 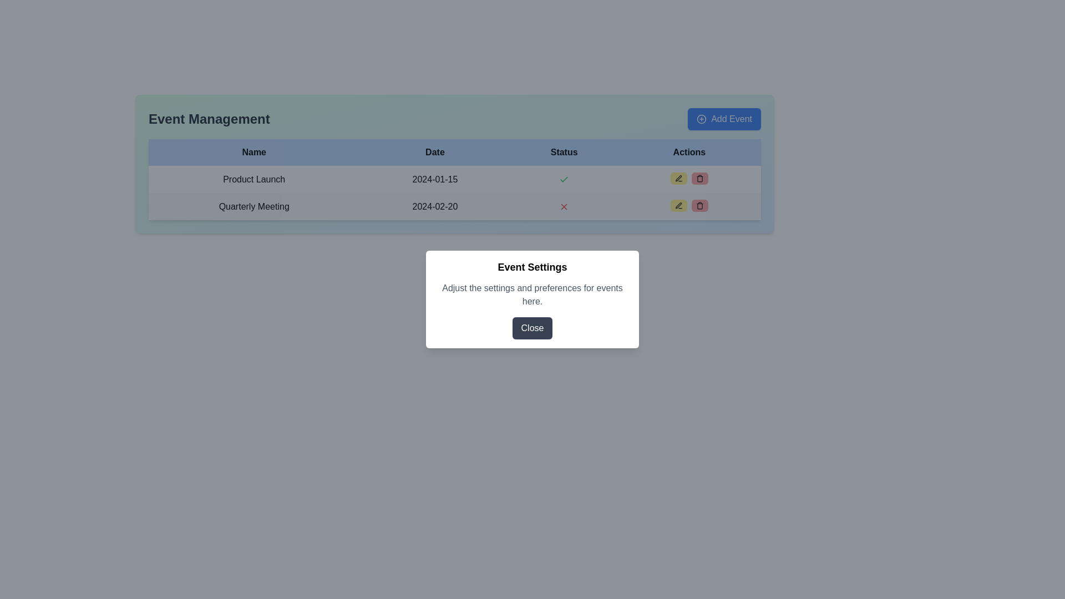 What do you see at coordinates (253, 179) in the screenshot?
I see `the text label displaying 'Product Launch', which is located in the first column of the second row of a table under the header 'Name'` at bounding box center [253, 179].